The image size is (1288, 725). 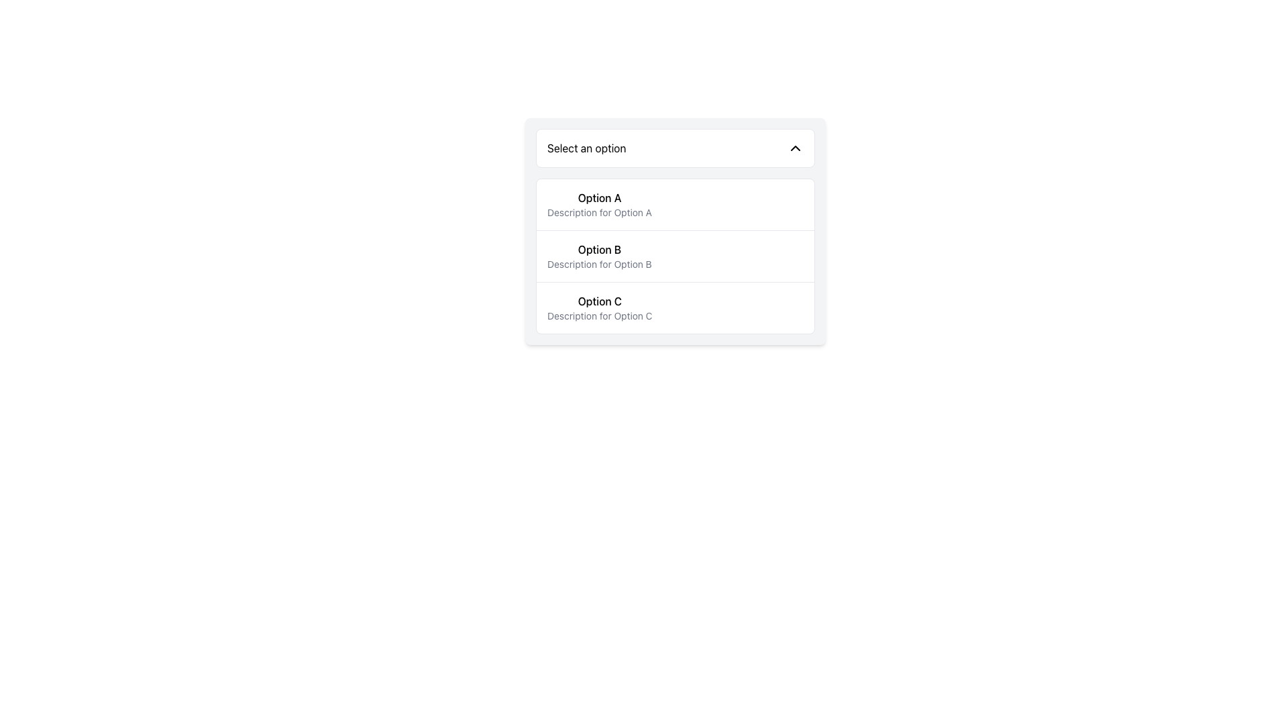 What do you see at coordinates (676, 256) in the screenshot?
I see `the List Item representing 'Option B' in the dropdown list` at bounding box center [676, 256].